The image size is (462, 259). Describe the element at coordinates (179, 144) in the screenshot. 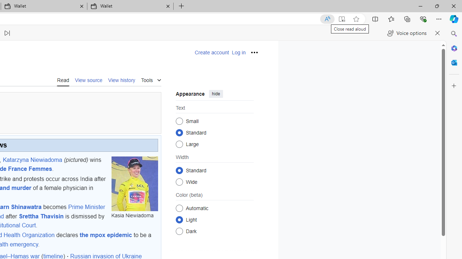

I see `'Large'` at that location.